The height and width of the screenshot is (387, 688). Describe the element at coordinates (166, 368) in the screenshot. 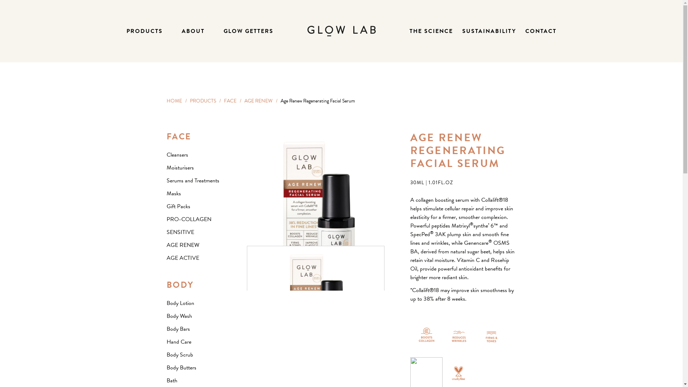

I see `'Body Butters'` at that location.